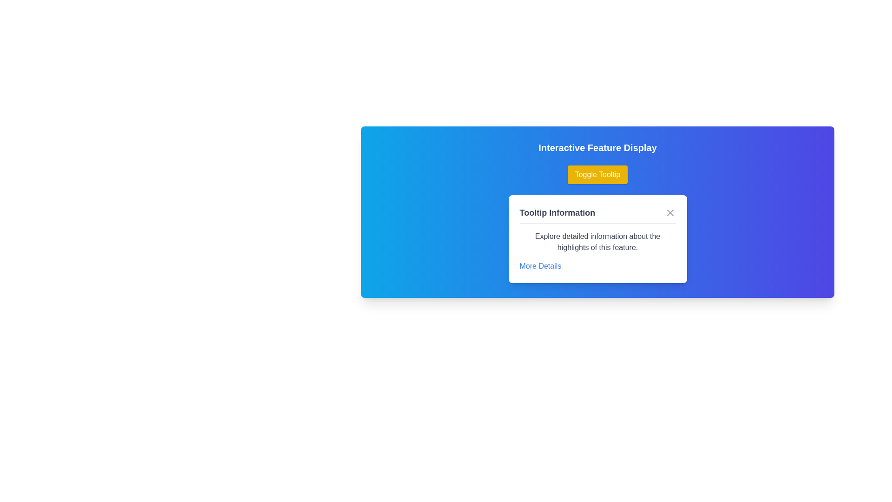 The image size is (892, 502). What do you see at coordinates (670, 213) in the screenshot?
I see `the close button located in the upper-right corner of the tooltip box` at bounding box center [670, 213].